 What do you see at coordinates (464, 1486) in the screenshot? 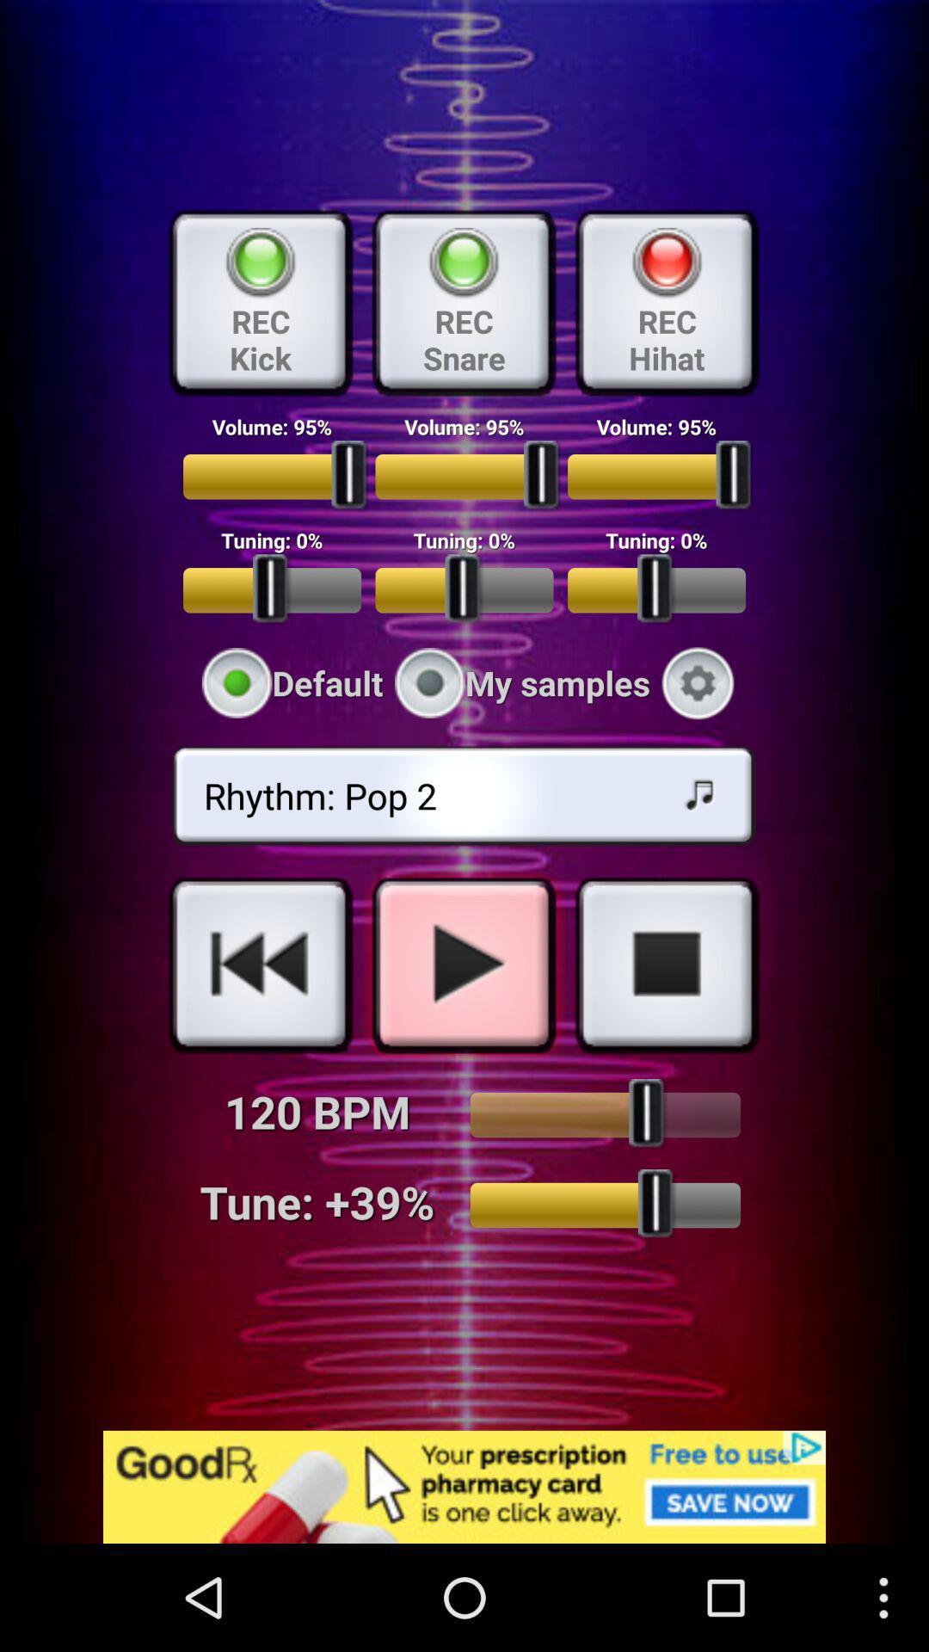
I see `the add image` at bounding box center [464, 1486].